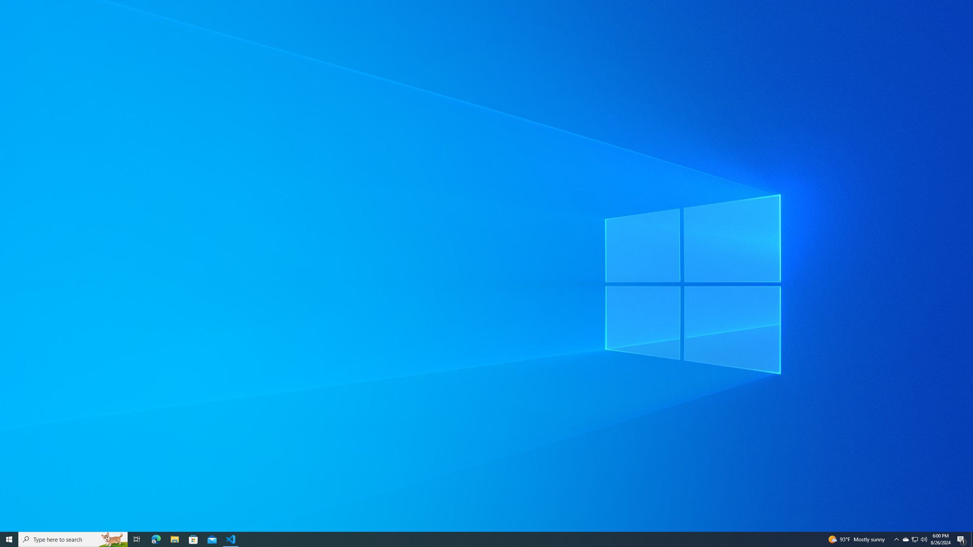 The width and height of the screenshot is (973, 547). What do you see at coordinates (231, 539) in the screenshot?
I see `'Visual Studio Code - 1 running window'` at bounding box center [231, 539].